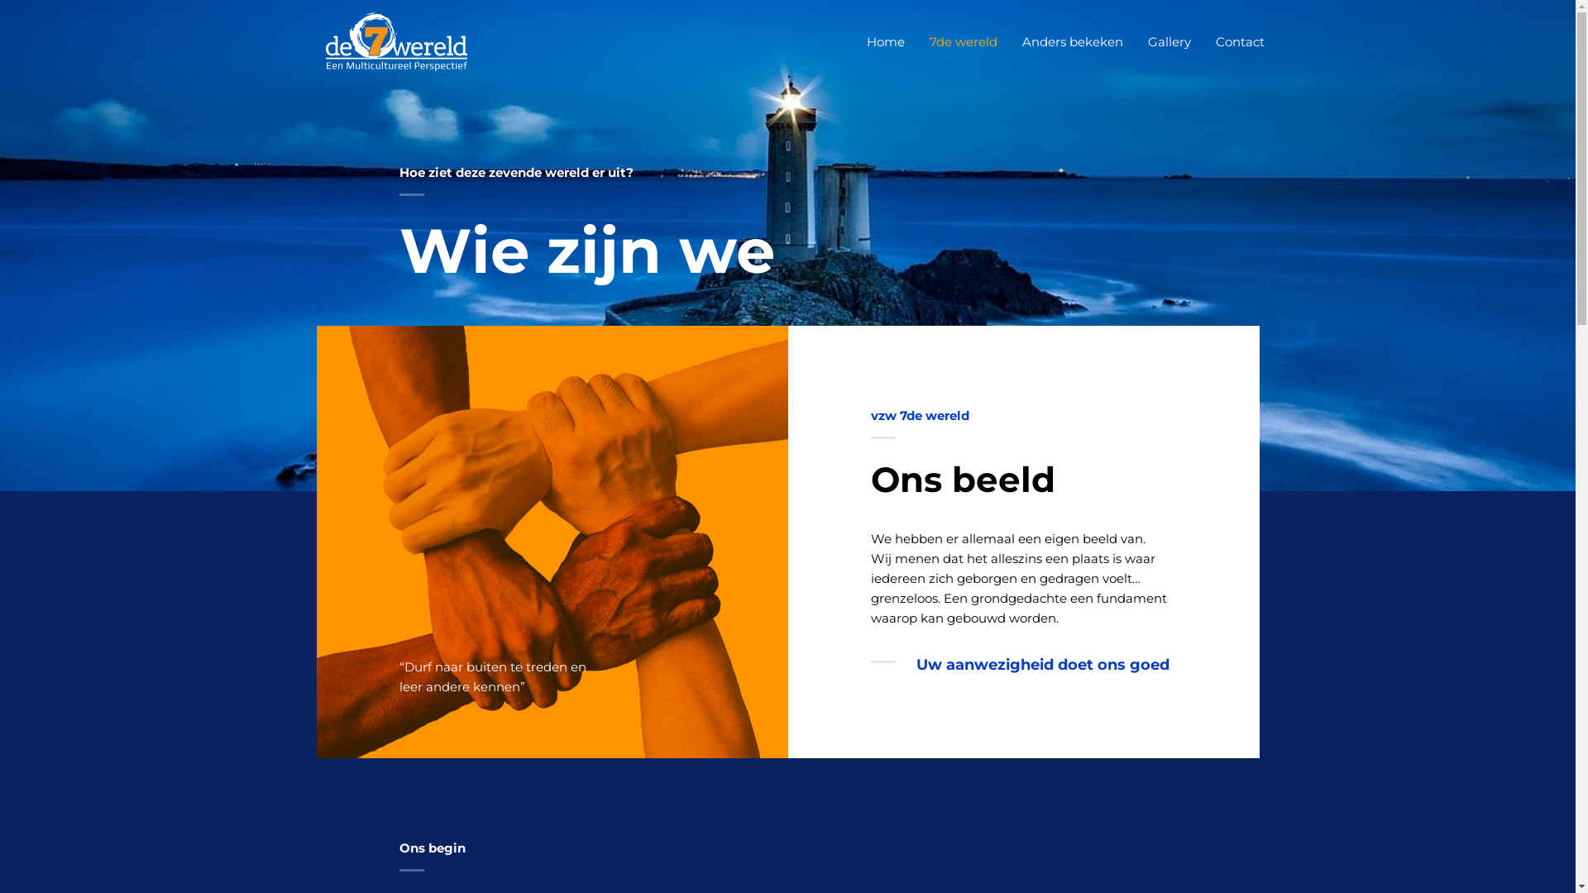  I want to click on 'Gallery', so click(1134, 41).